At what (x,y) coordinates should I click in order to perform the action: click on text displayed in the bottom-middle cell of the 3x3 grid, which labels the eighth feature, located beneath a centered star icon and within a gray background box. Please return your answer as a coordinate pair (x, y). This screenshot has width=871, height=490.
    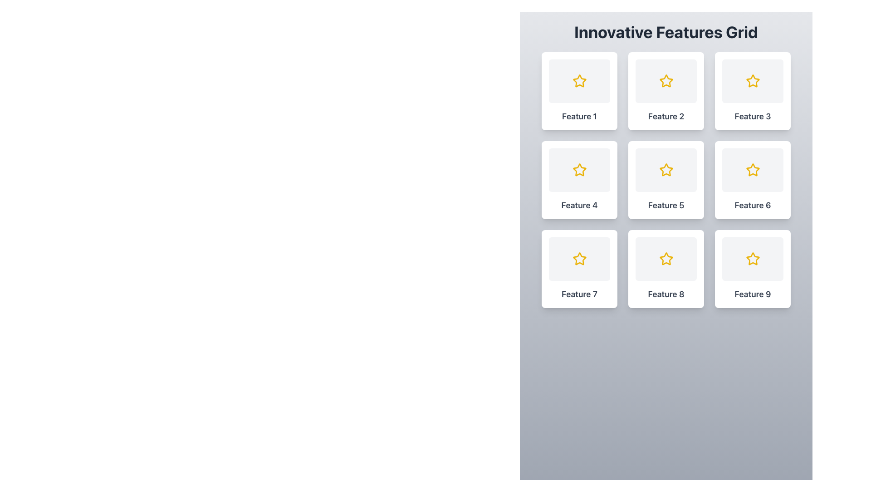
    Looking at the image, I should click on (666, 294).